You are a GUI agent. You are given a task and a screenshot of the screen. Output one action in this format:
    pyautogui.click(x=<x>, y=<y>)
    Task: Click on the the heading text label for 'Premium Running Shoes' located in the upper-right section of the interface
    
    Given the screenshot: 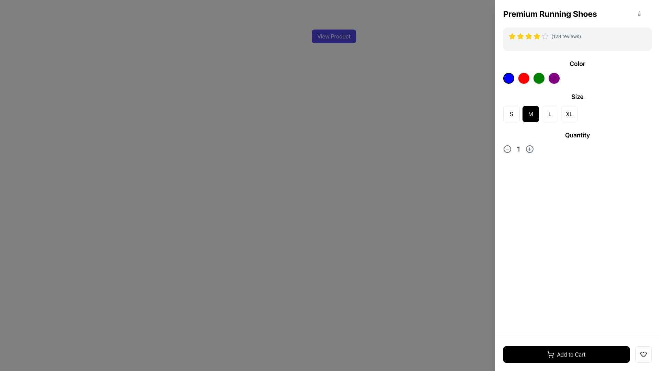 What is the action you would take?
    pyautogui.click(x=550, y=13)
    